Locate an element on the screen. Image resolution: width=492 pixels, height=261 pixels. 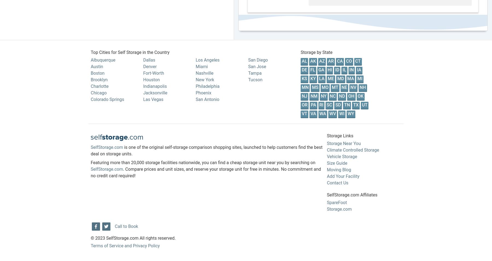
'LA' is located at coordinates (321, 78).